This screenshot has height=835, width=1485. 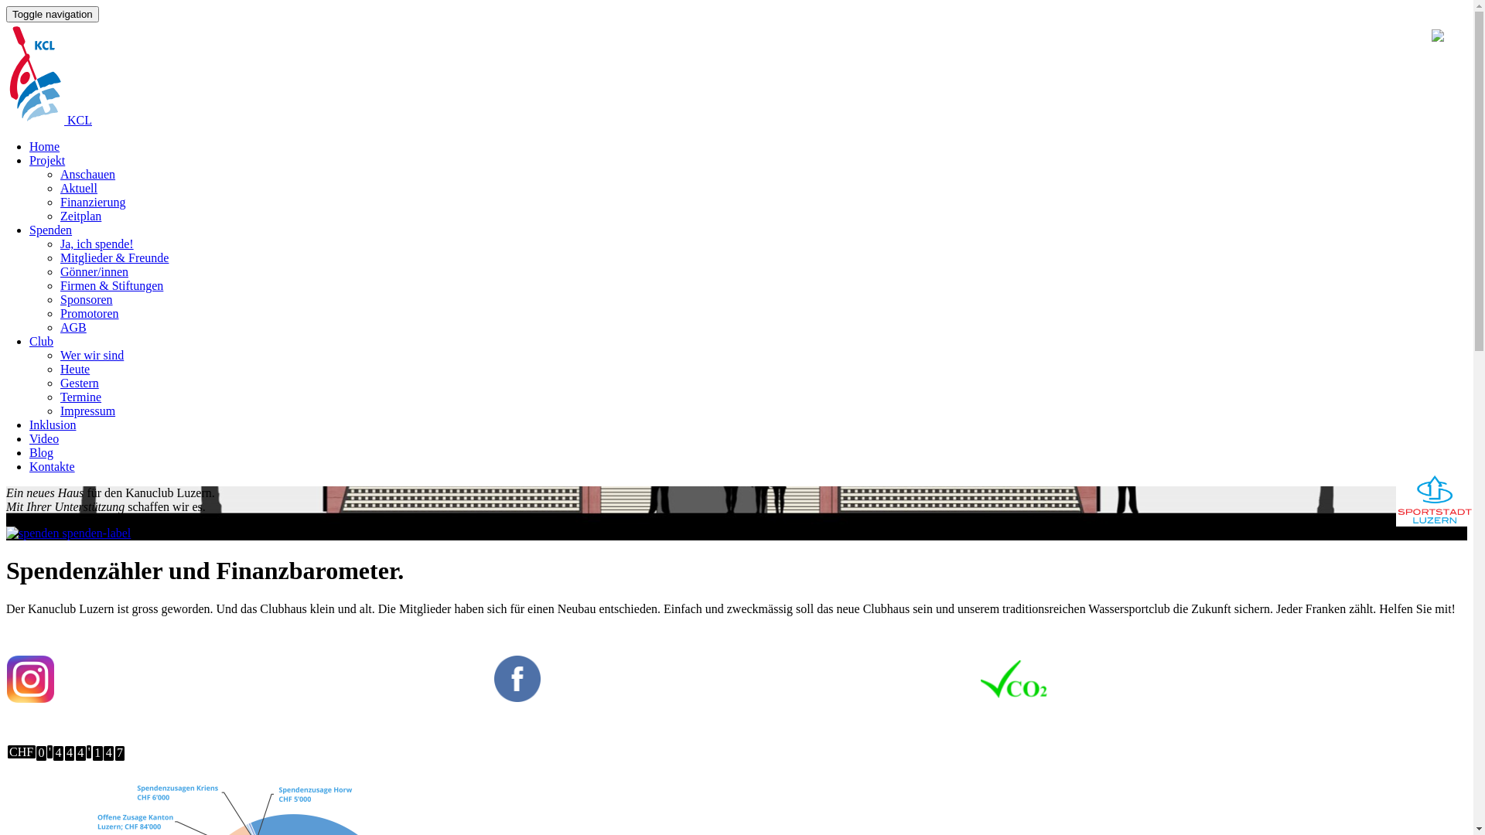 I want to click on 'Club', so click(x=29, y=340).